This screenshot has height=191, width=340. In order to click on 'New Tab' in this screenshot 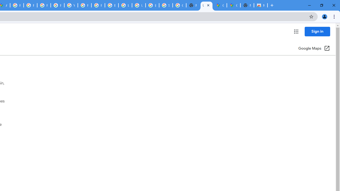, I will do `click(247, 5)`.